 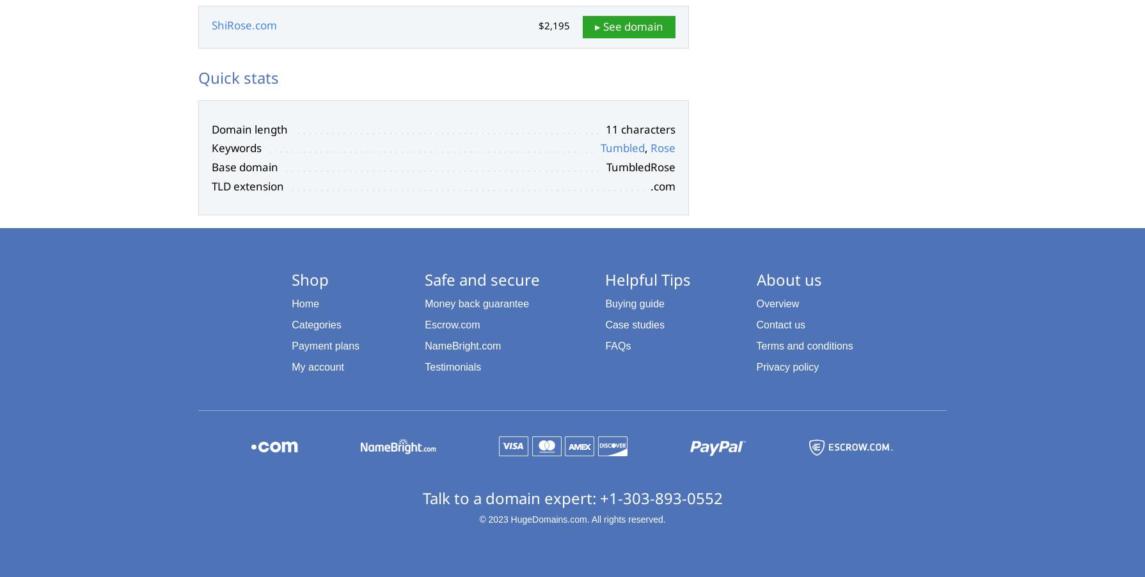 I want to click on 'Overview', so click(x=777, y=304).